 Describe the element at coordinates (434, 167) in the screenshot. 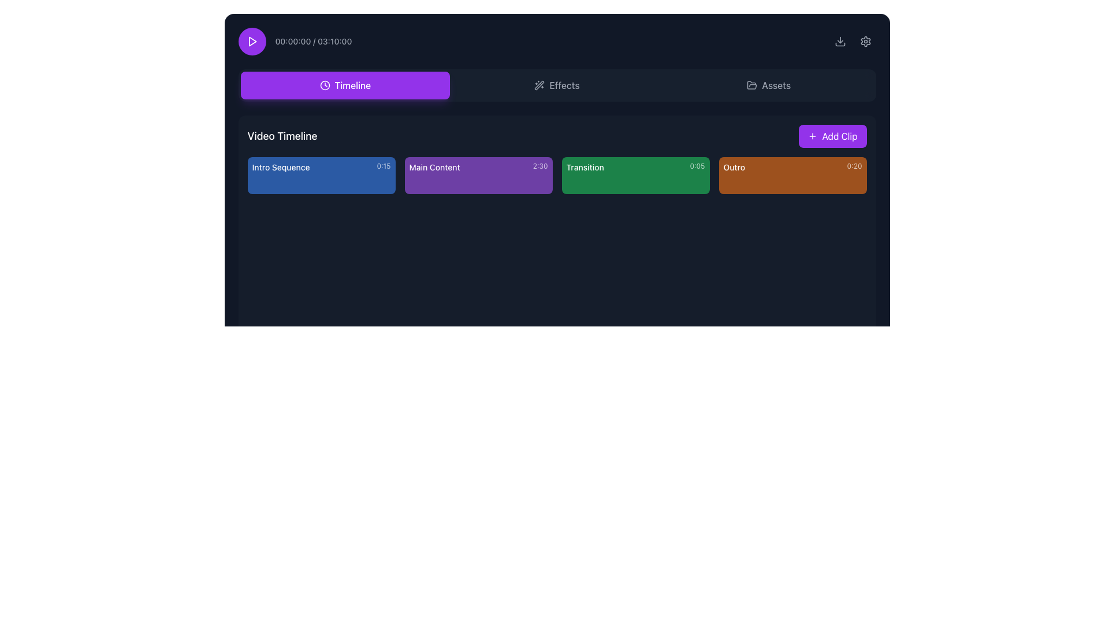

I see `text of the label indicating the name or content of the associated timeline segment, which is centered horizontally in the second block of the Video Timeline section, positioned between the 'Intro Sequence' and 'Transition' blocks` at that location.